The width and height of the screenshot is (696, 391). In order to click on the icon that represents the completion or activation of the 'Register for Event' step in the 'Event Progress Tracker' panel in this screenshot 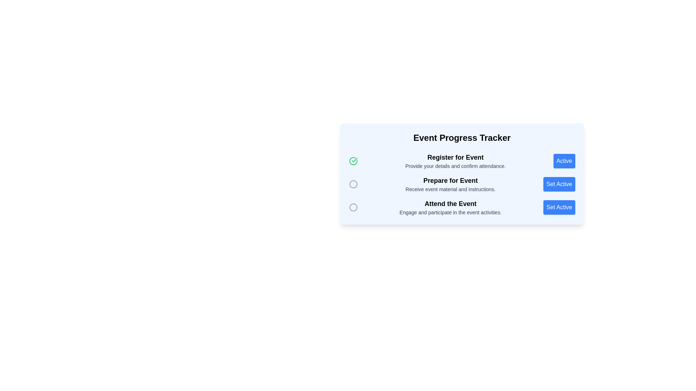, I will do `click(353, 160)`.